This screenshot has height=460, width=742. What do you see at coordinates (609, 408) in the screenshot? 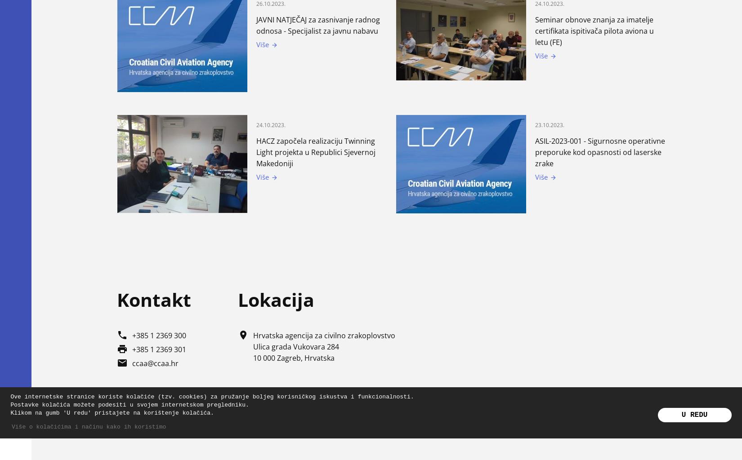
I see `'Politika privatnosti'` at bounding box center [609, 408].